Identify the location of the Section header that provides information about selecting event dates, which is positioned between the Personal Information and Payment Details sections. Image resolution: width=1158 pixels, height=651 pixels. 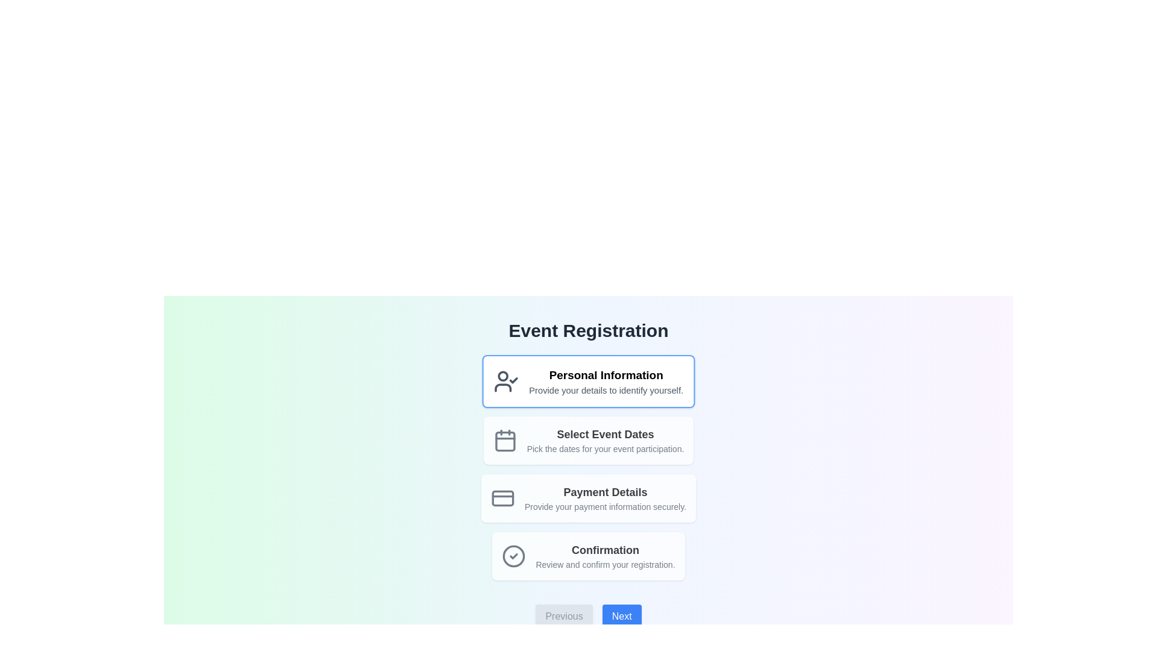
(588, 441).